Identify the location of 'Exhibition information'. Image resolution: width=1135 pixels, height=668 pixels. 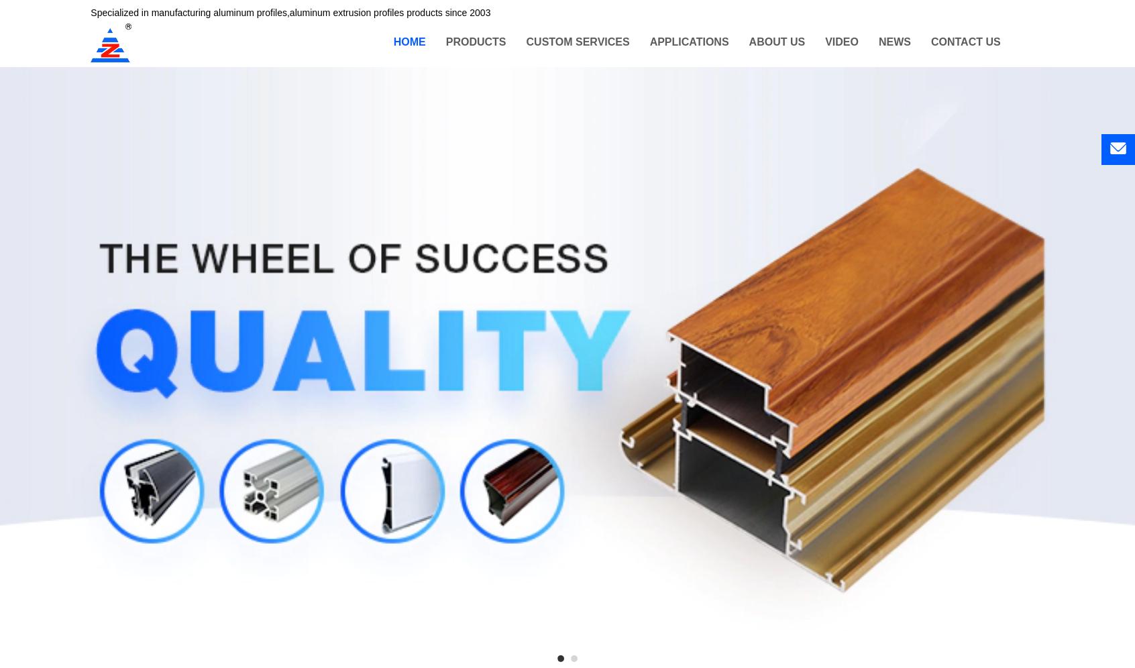
(928, 140).